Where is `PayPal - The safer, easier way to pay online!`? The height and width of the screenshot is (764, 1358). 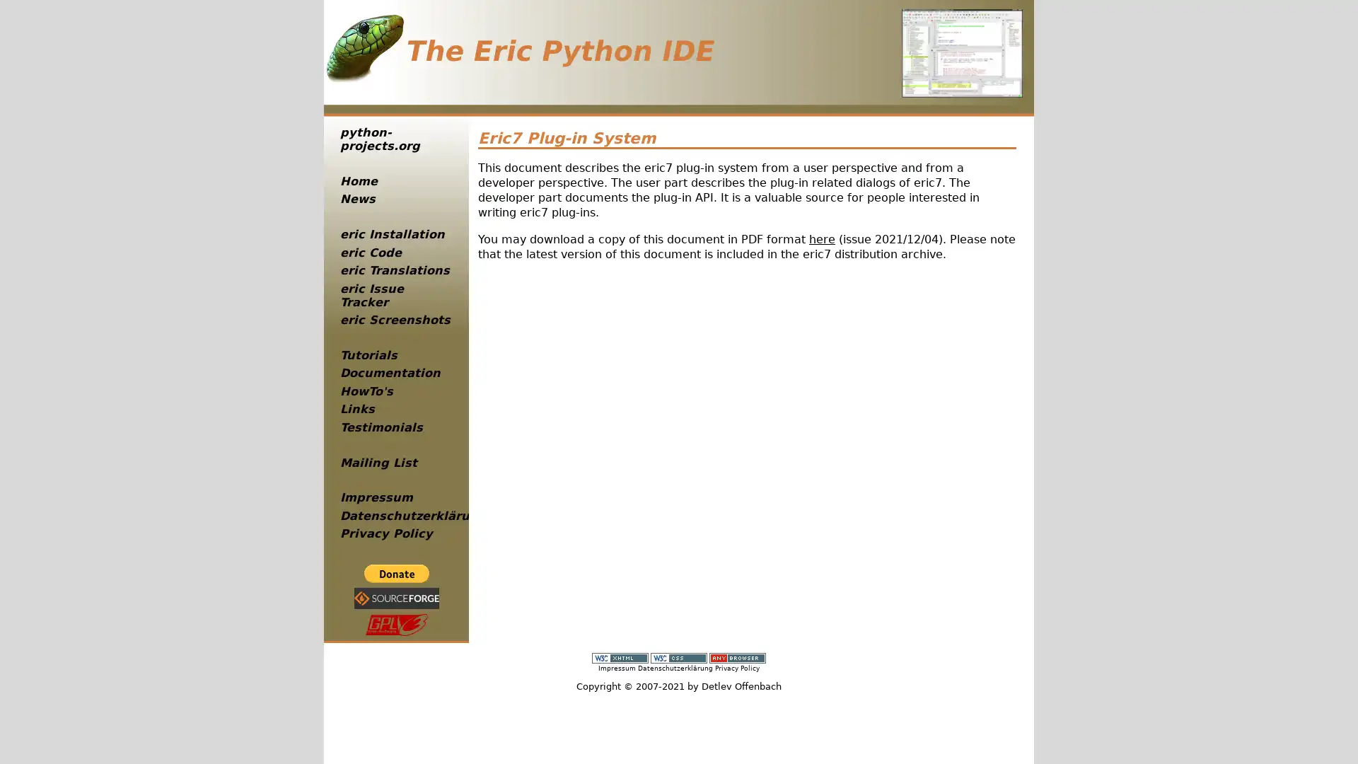 PayPal - The safer, easier way to pay online! is located at coordinates (396, 573).